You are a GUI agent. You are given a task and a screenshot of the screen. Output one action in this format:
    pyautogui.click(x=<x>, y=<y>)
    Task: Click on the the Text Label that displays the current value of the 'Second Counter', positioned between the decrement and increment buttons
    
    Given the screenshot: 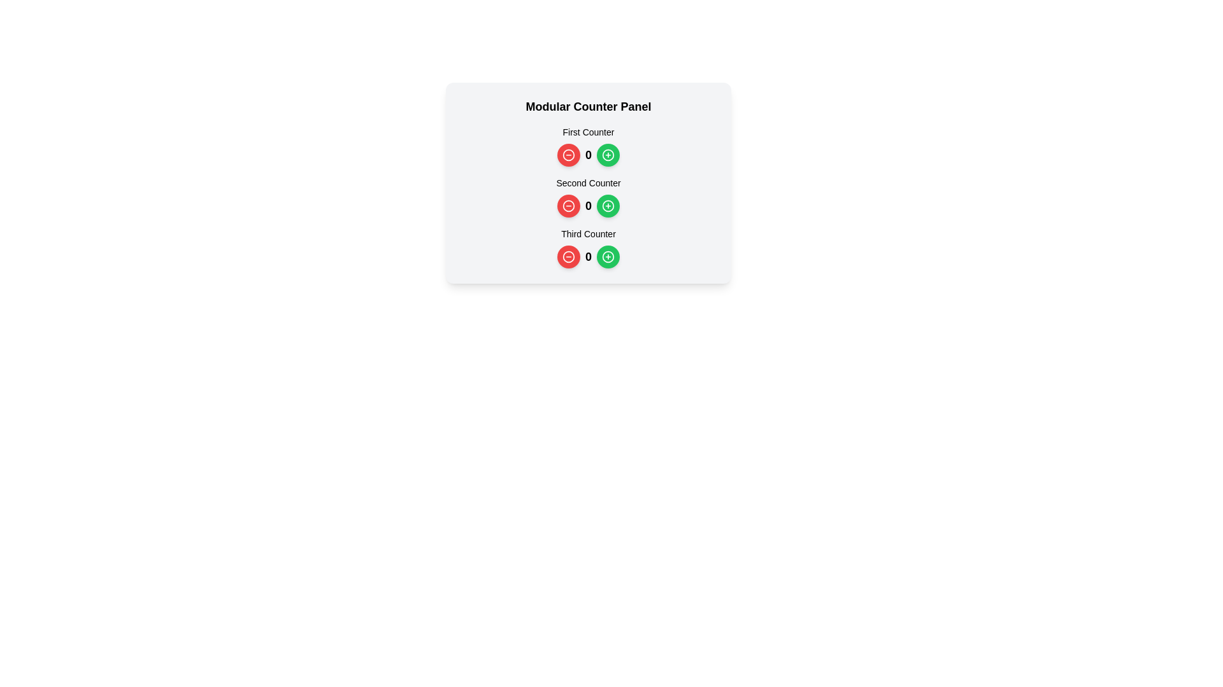 What is the action you would take?
    pyautogui.click(x=588, y=205)
    